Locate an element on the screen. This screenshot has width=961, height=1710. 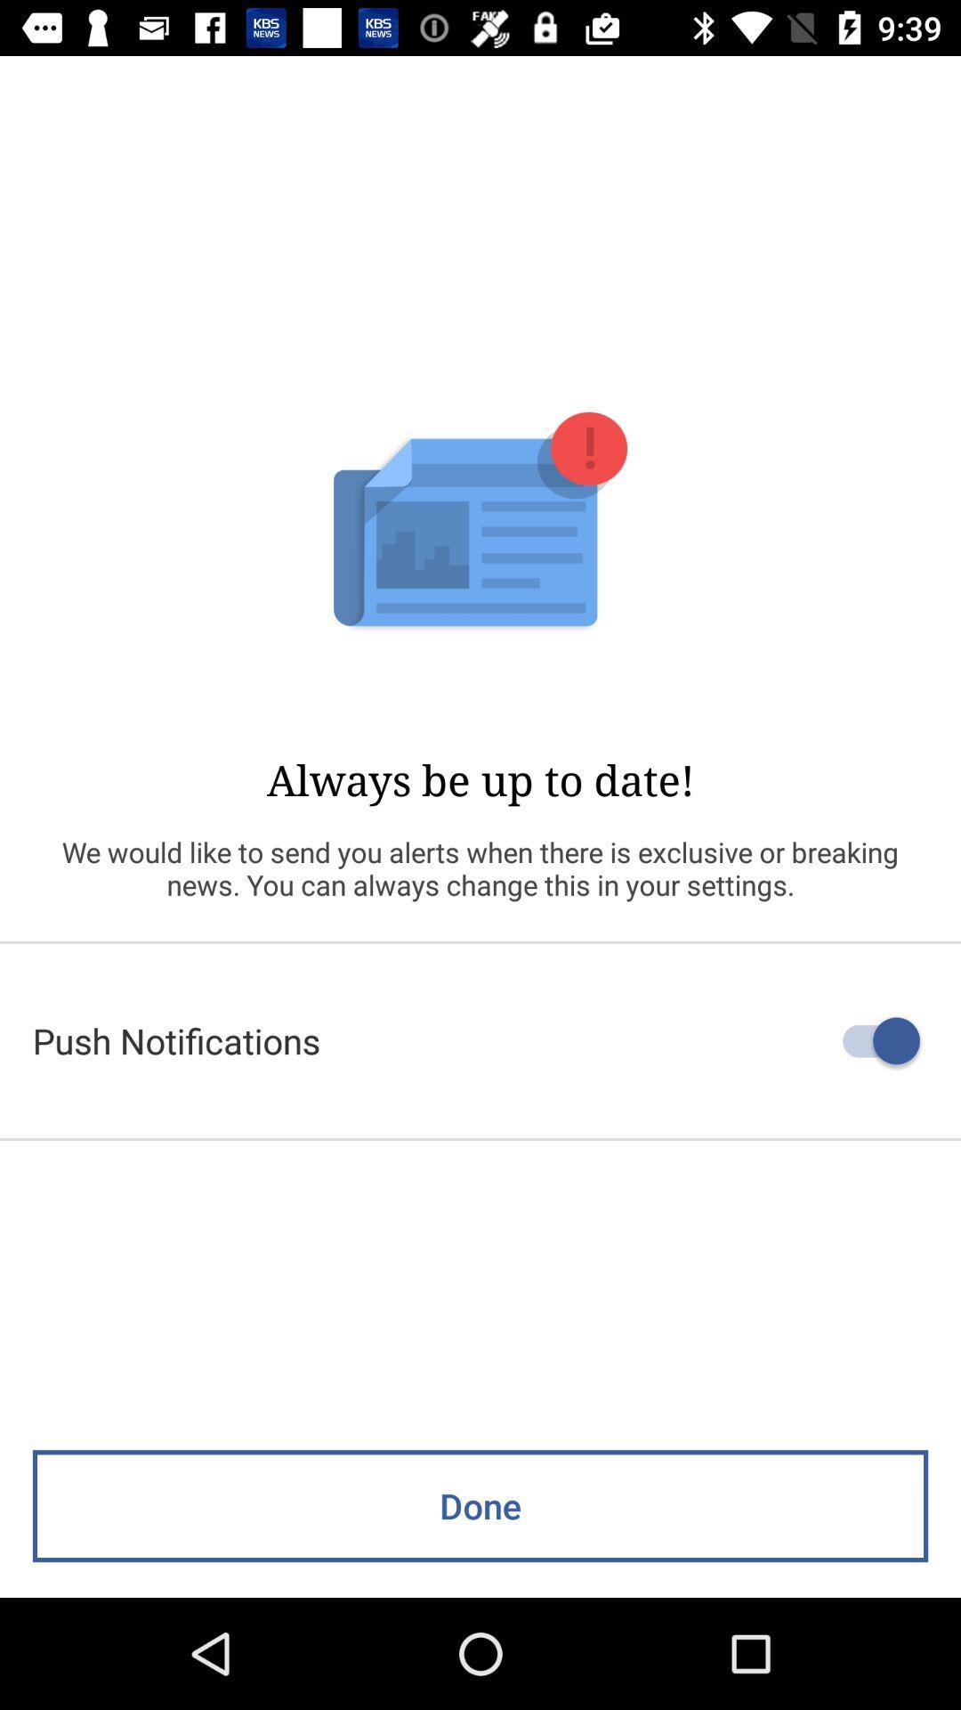
push notifications item is located at coordinates (480, 1040).